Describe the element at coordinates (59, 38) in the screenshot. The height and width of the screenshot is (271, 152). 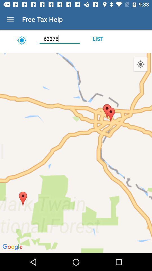
I see `the 63376 icon` at that location.